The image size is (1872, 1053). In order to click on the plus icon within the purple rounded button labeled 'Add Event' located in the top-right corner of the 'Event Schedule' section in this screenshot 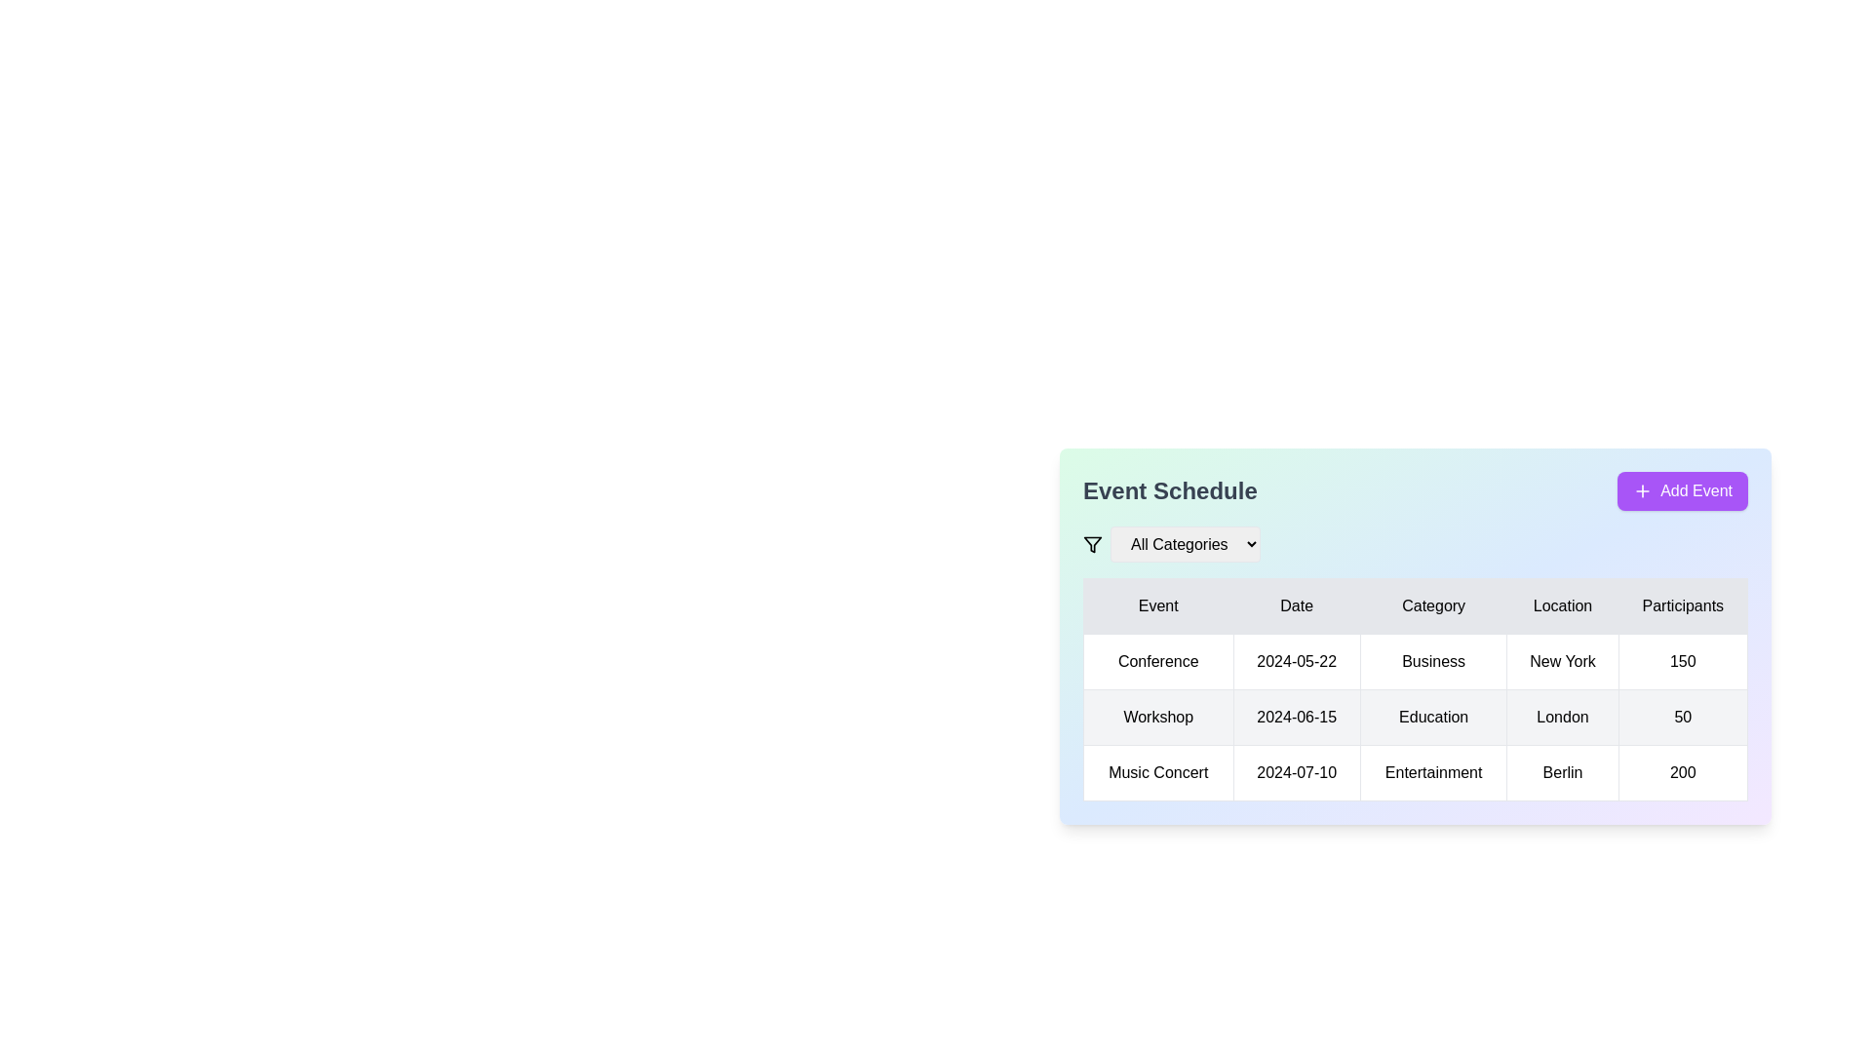, I will do `click(1642, 490)`.